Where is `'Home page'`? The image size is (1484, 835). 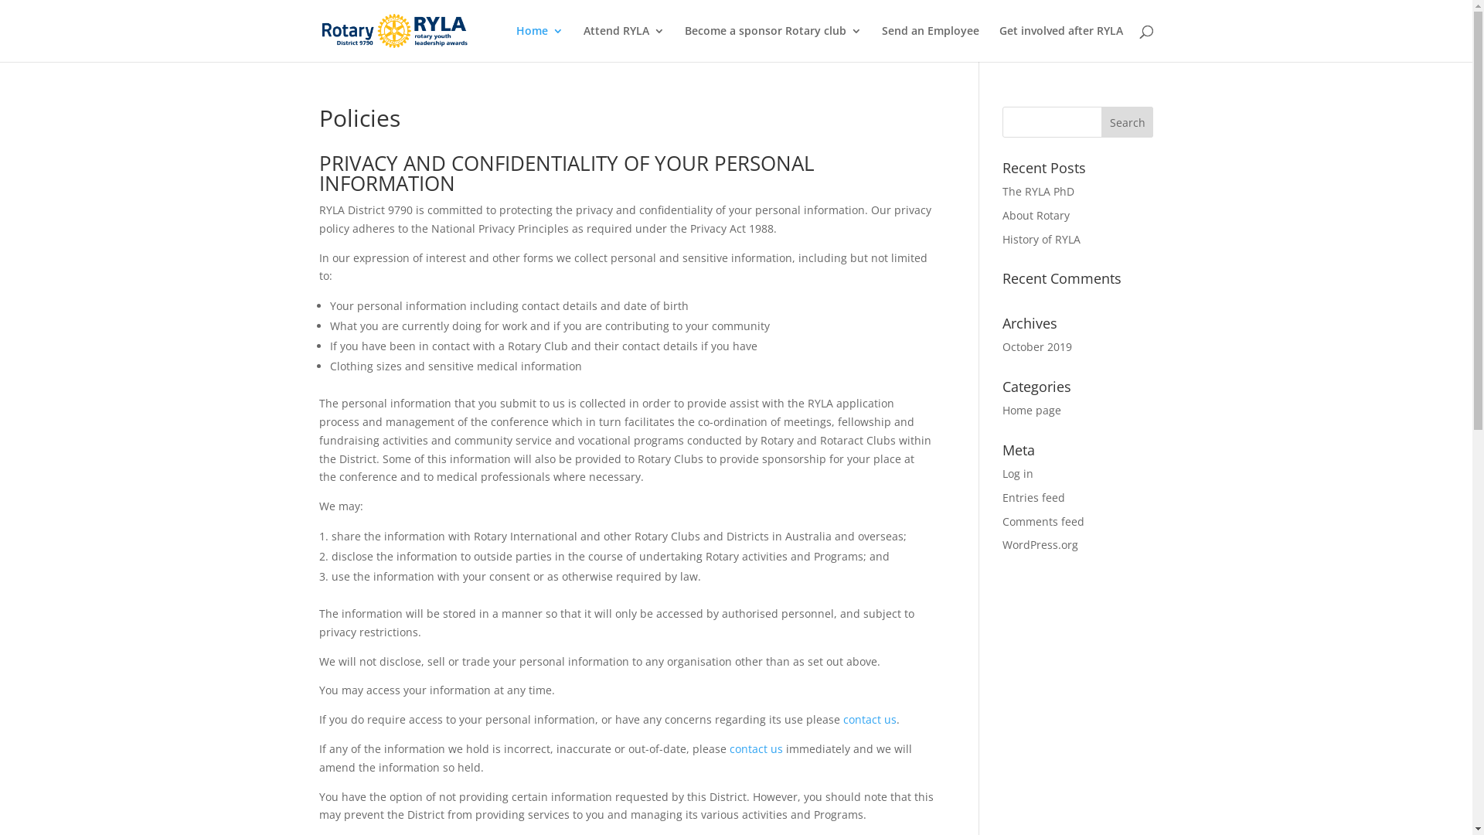 'Home page' is located at coordinates (1031, 409).